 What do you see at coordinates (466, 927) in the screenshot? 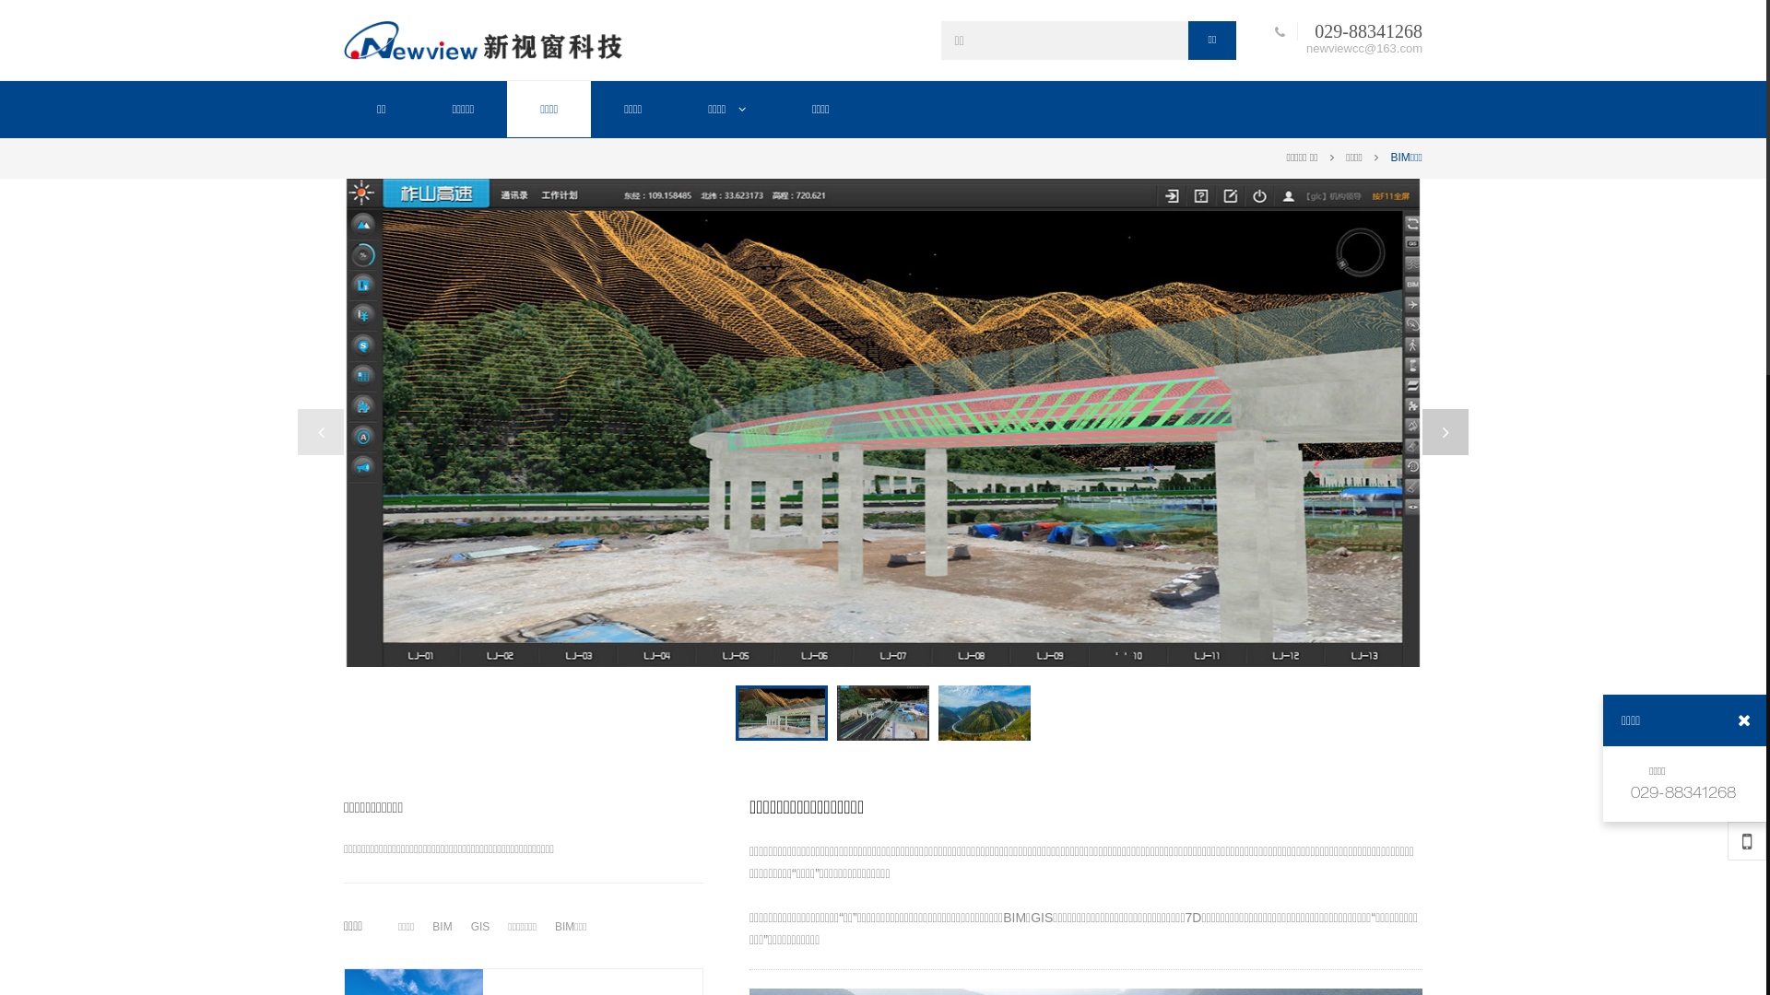
I see `'GIS'` at bounding box center [466, 927].